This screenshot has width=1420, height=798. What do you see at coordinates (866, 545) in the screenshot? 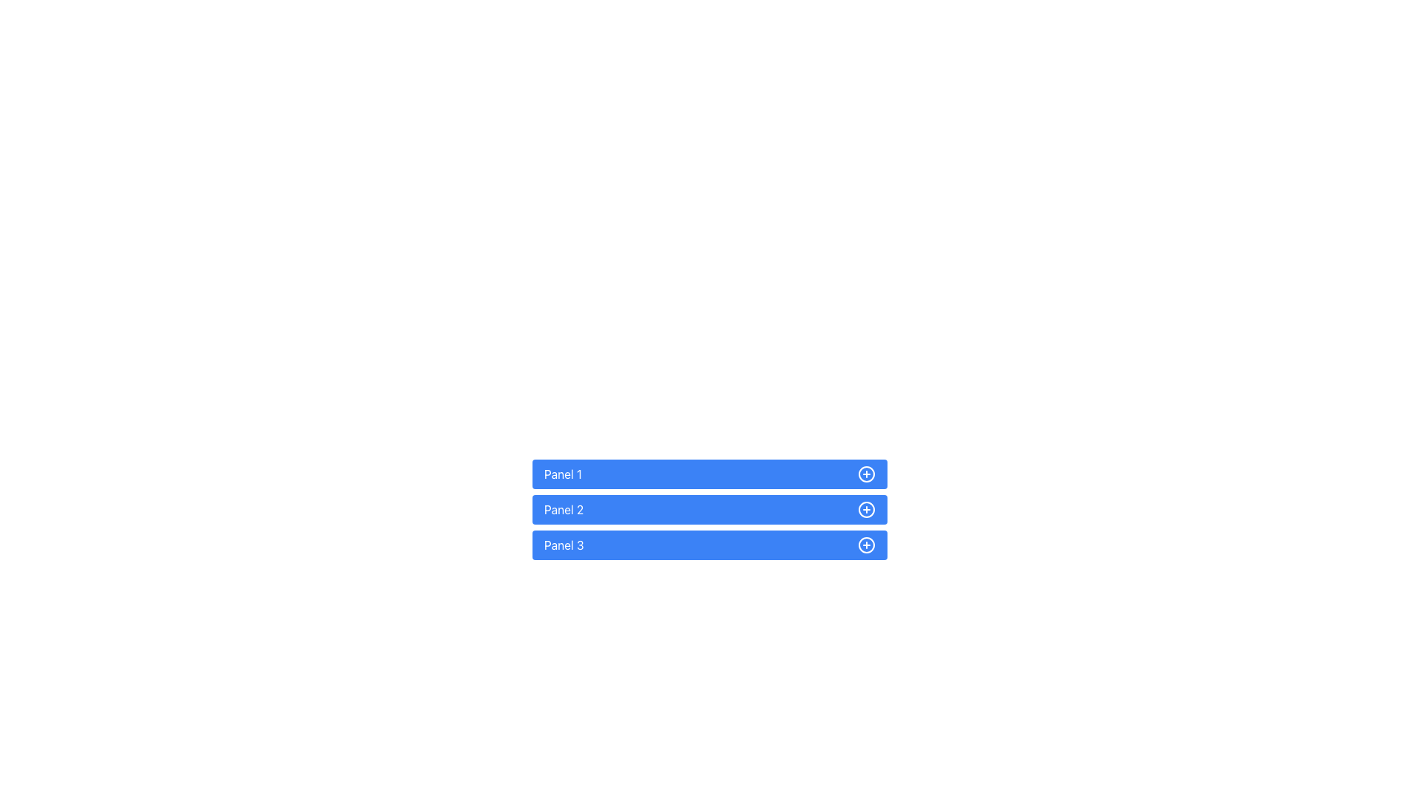
I see `the circular '+' icon on the right end of the blue button labeled 'Panel 3'` at bounding box center [866, 545].